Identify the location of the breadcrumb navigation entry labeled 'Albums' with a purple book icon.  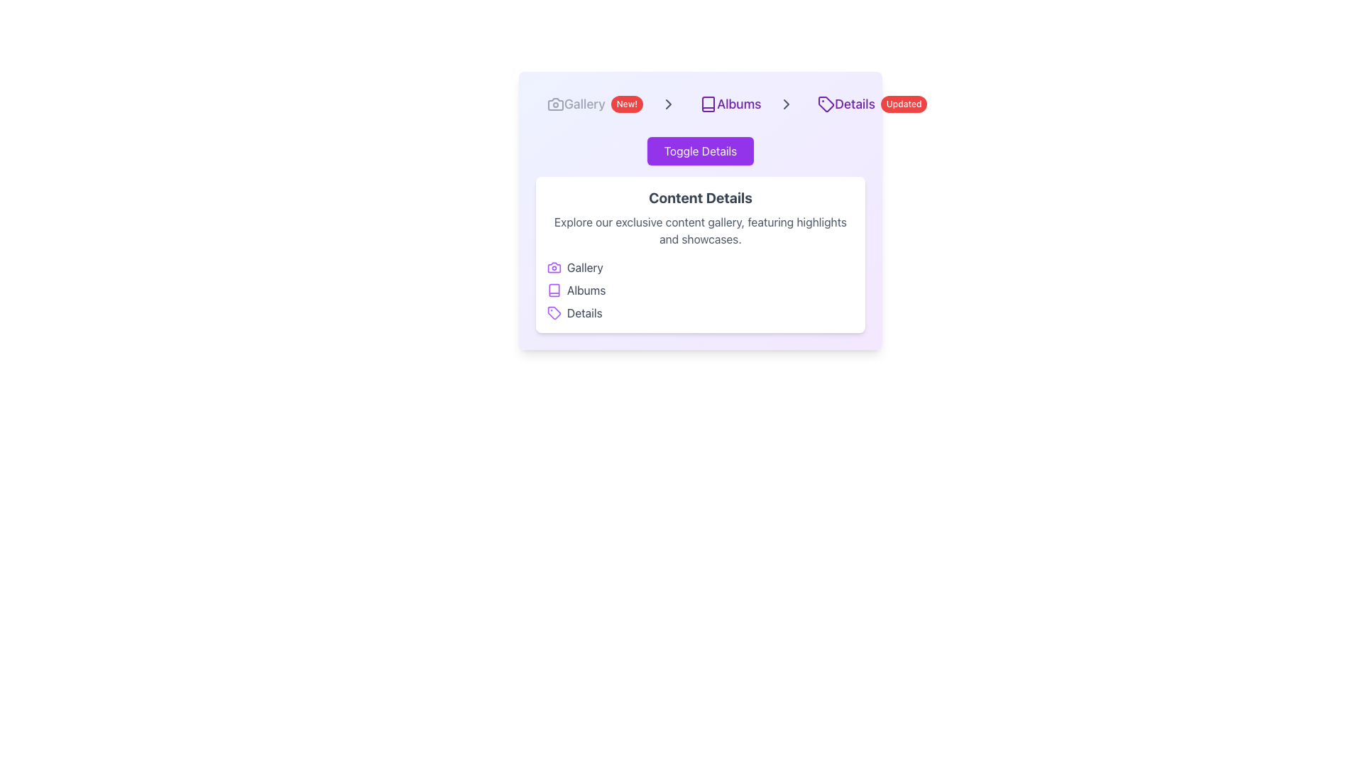
(701, 103).